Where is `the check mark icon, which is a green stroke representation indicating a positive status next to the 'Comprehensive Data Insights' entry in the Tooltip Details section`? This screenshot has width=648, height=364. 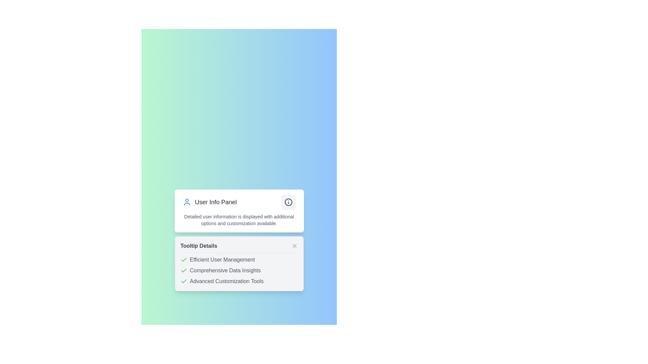 the check mark icon, which is a green stroke representation indicating a positive status next to the 'Comprehensive Data Insights' entry in the Tooltip Details section is located at coordinates (184, 259).